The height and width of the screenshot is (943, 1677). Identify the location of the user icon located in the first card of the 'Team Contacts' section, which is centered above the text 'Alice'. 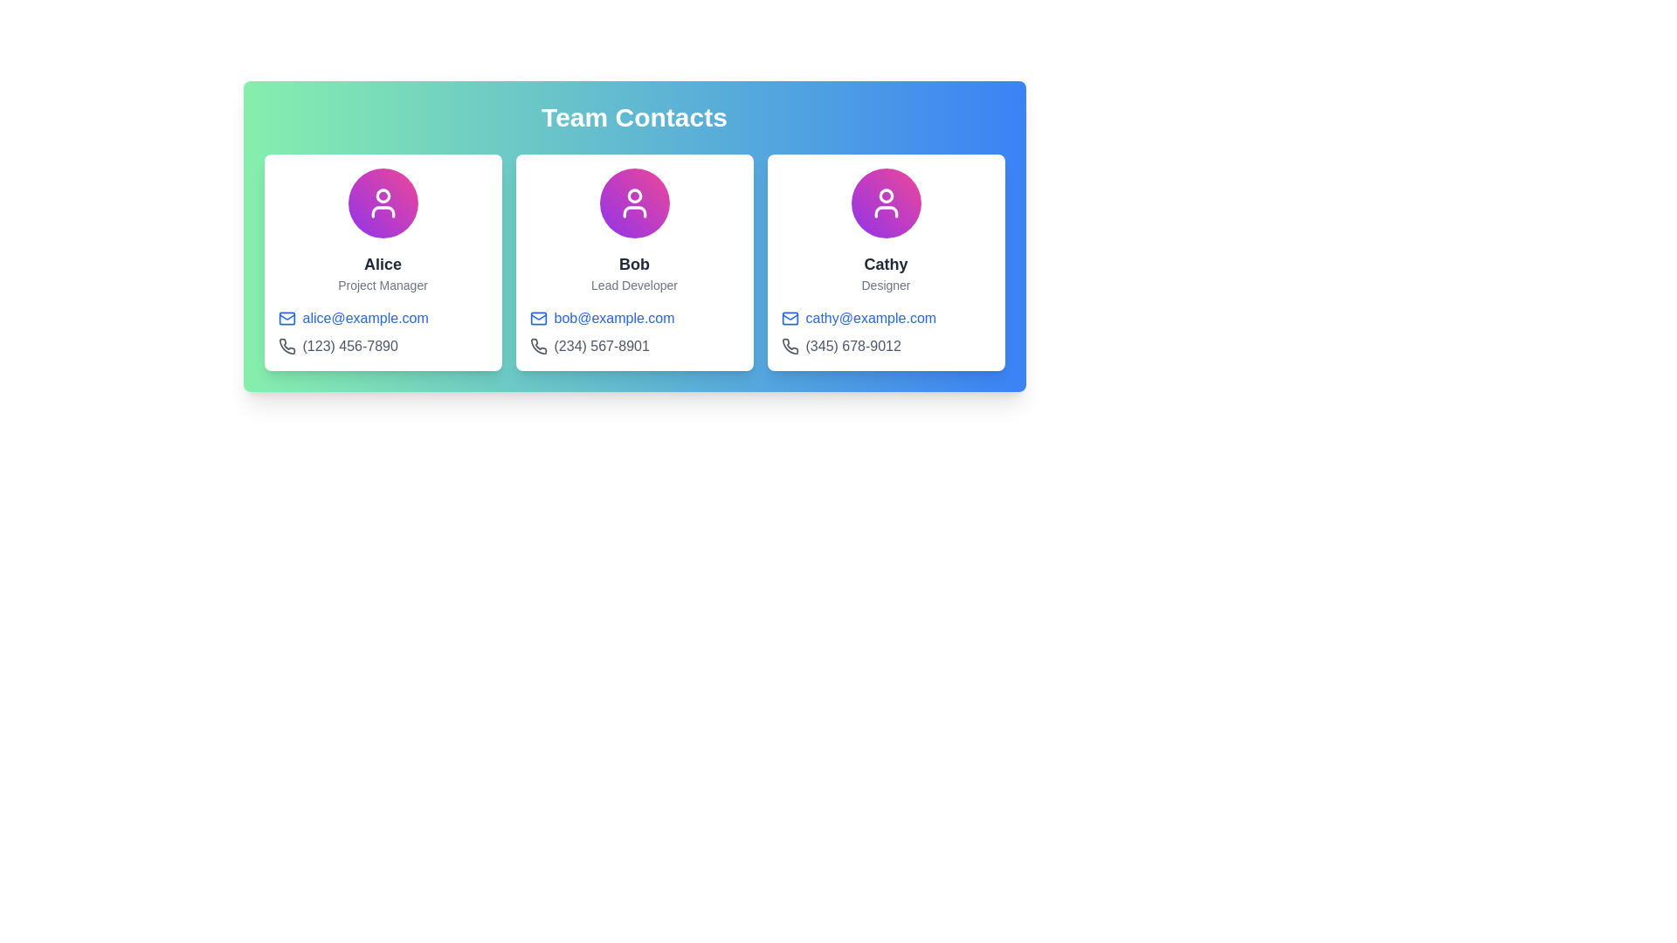
(382, 202).